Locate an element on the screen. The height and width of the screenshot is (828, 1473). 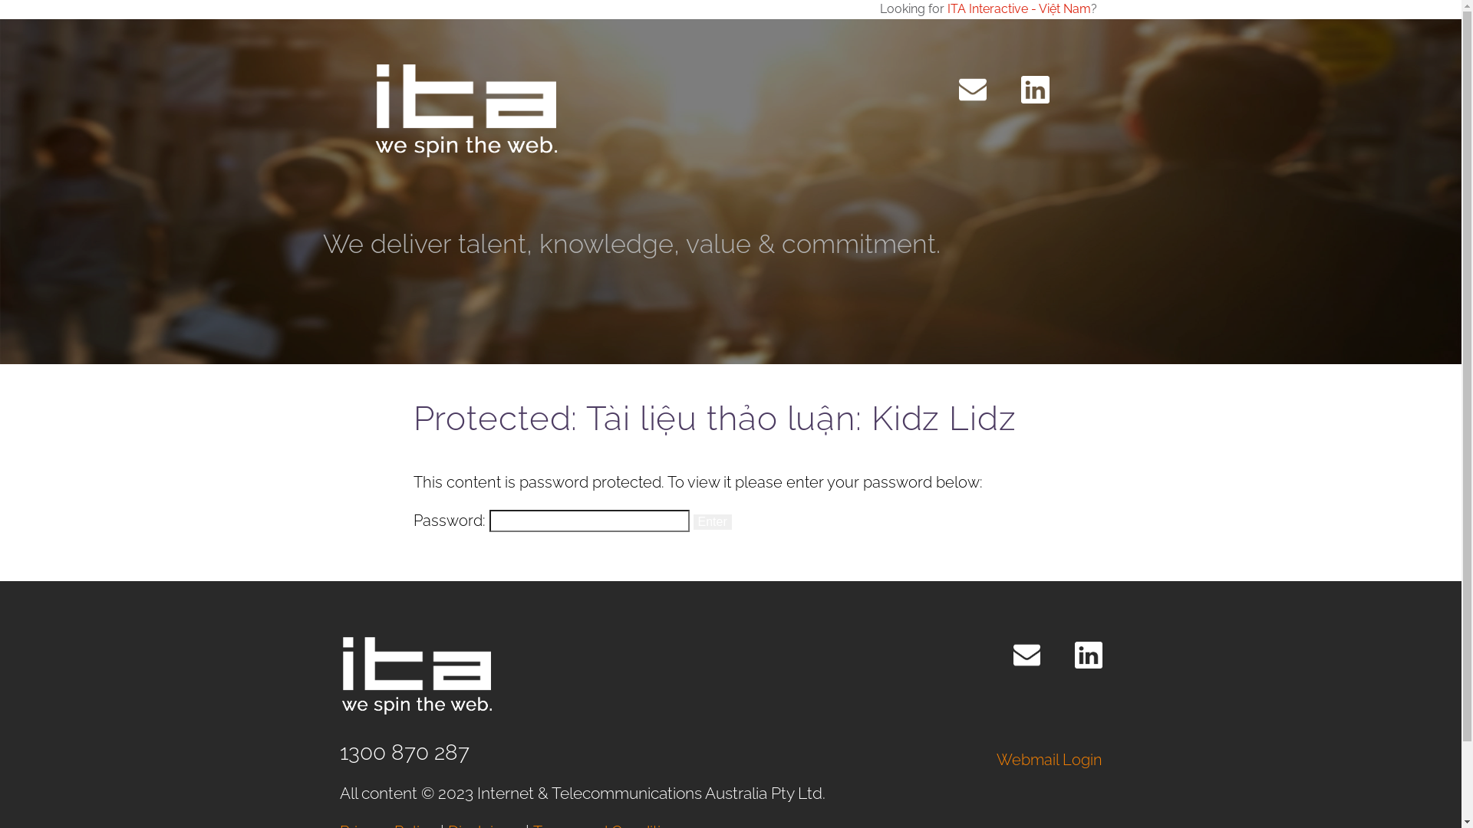
'Webmail Login' is located at coordinates (1049, 760).